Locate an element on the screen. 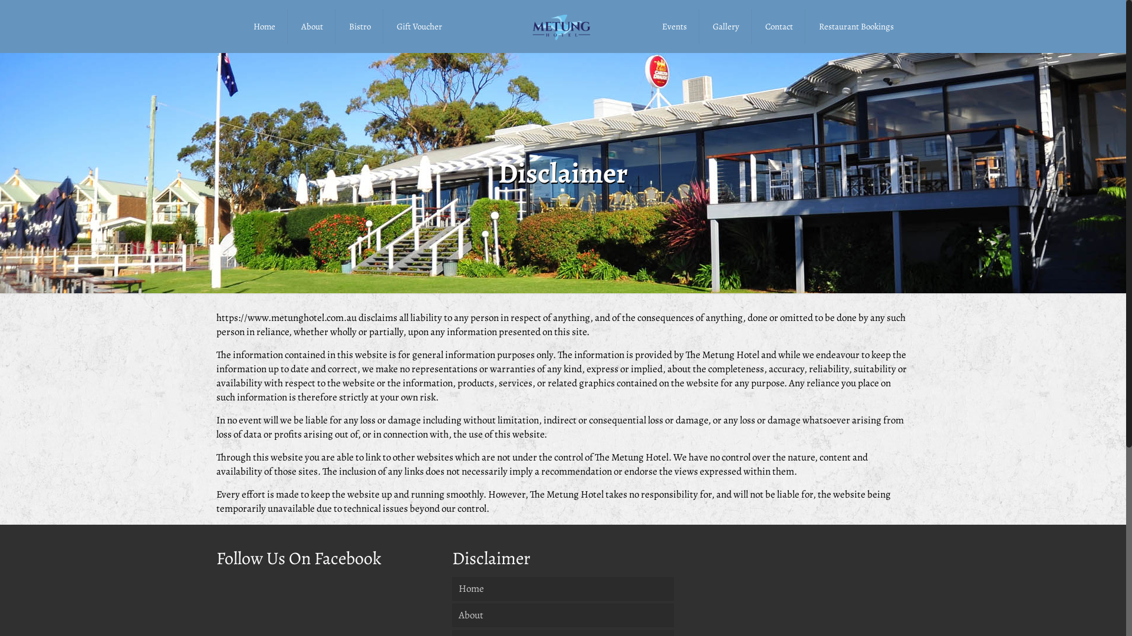  'Restaurant Bookings' is located at coordinates (856, 26).